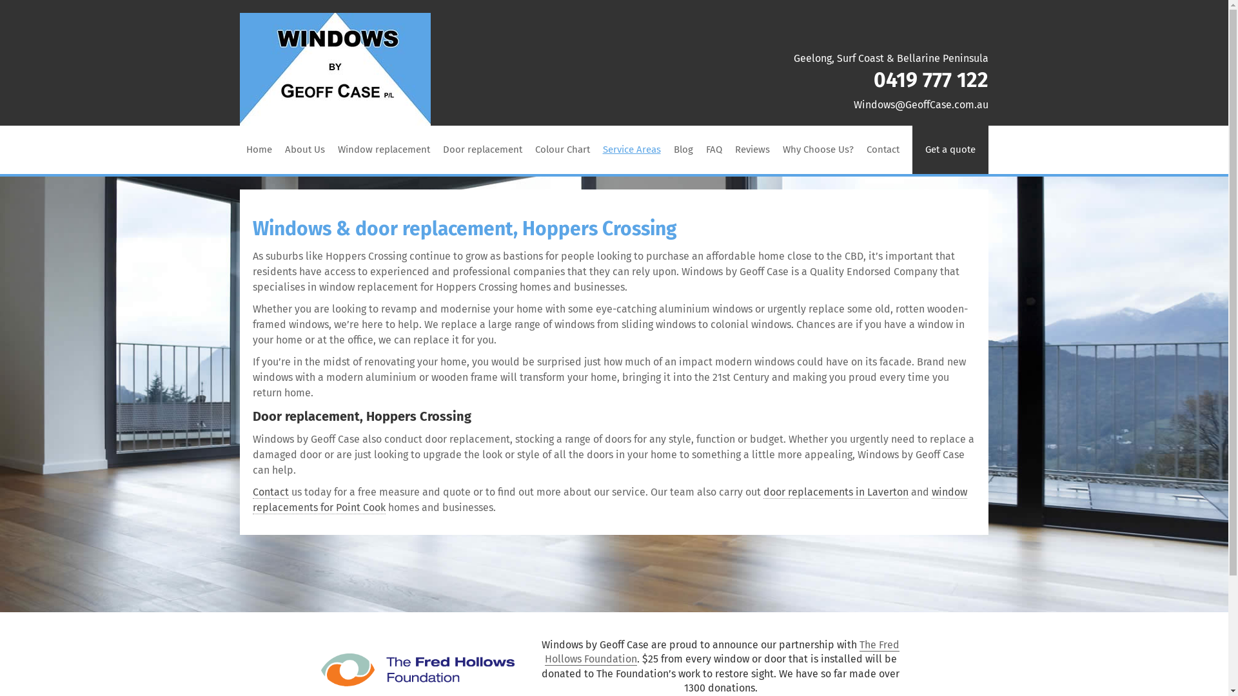  What do you see at coordinates (817, 149) in the screenshot?
I see `'Why Choose Us?'` at bounding box center [817, 149].